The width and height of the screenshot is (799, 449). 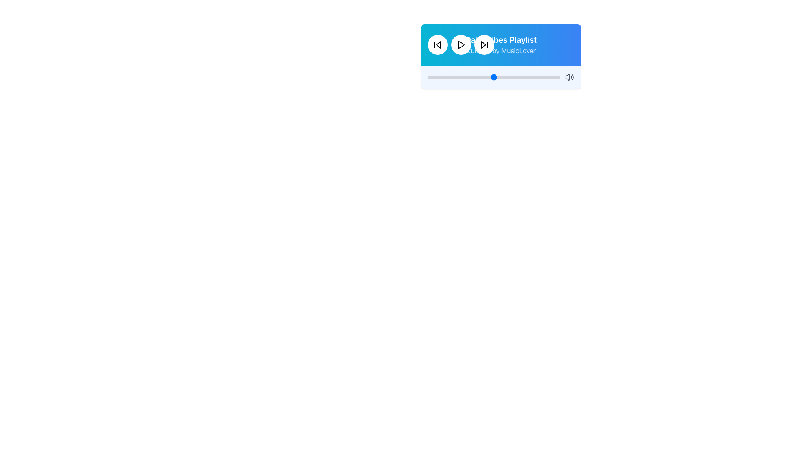 I want to click on slider value, so click(x=432, y=77).